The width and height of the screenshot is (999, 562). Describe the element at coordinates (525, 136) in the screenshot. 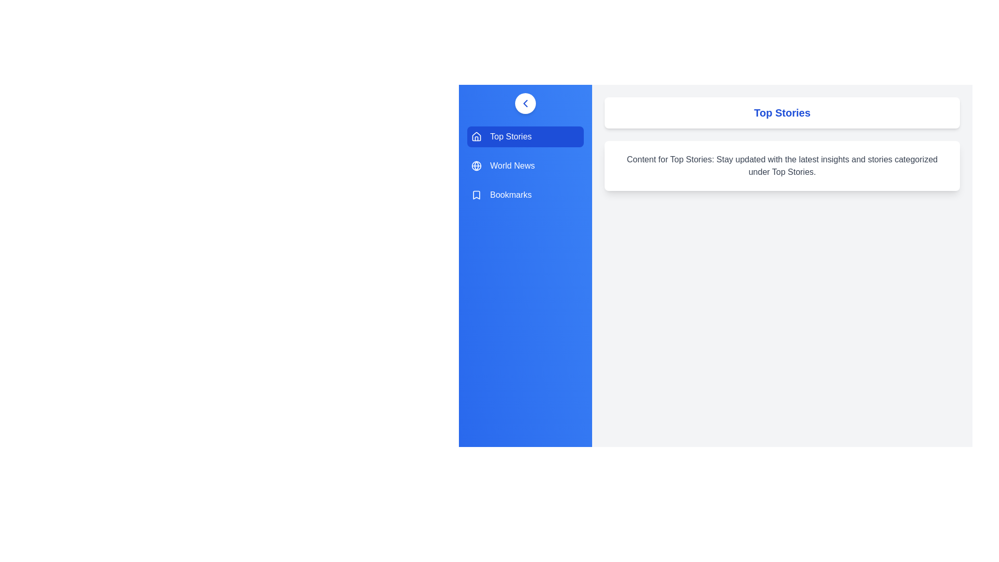

I see `the category Top Stories from the list` at that location.